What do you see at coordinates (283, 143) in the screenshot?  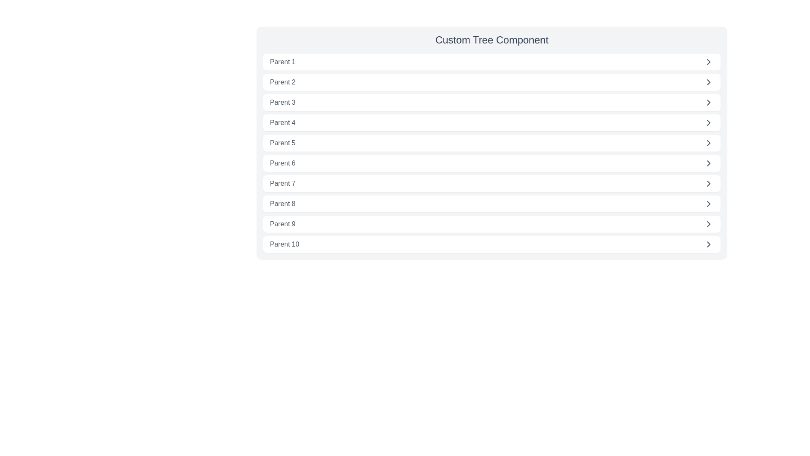 I see `the text label that serves as a descriptor for the fifth item in the vertical list to rate it` at bounding box center [283, 143].